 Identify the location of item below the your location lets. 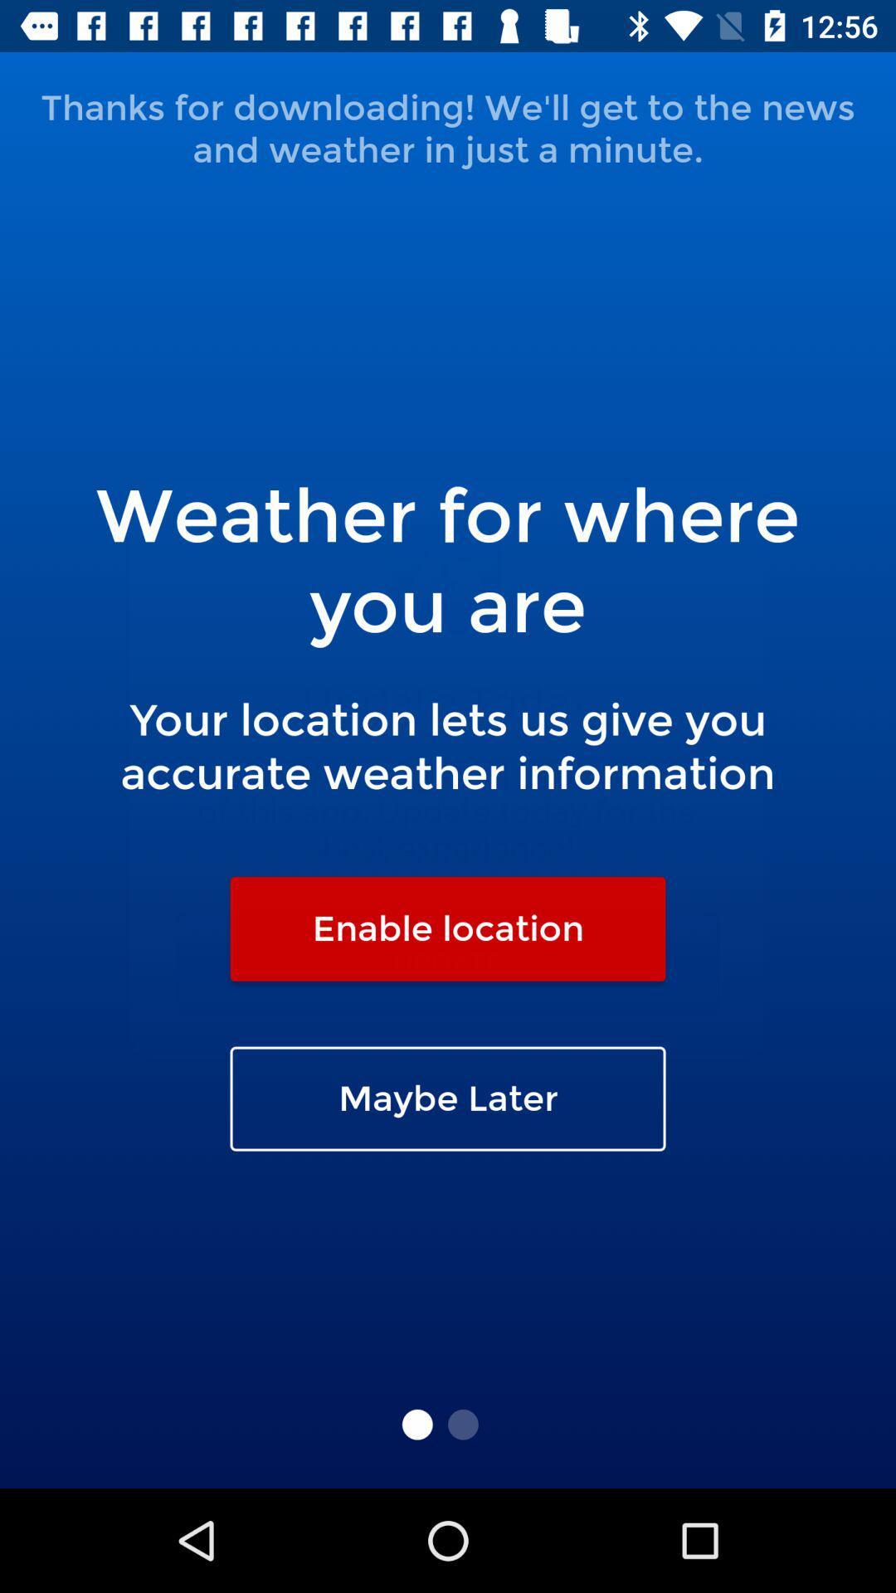
(448, 928).